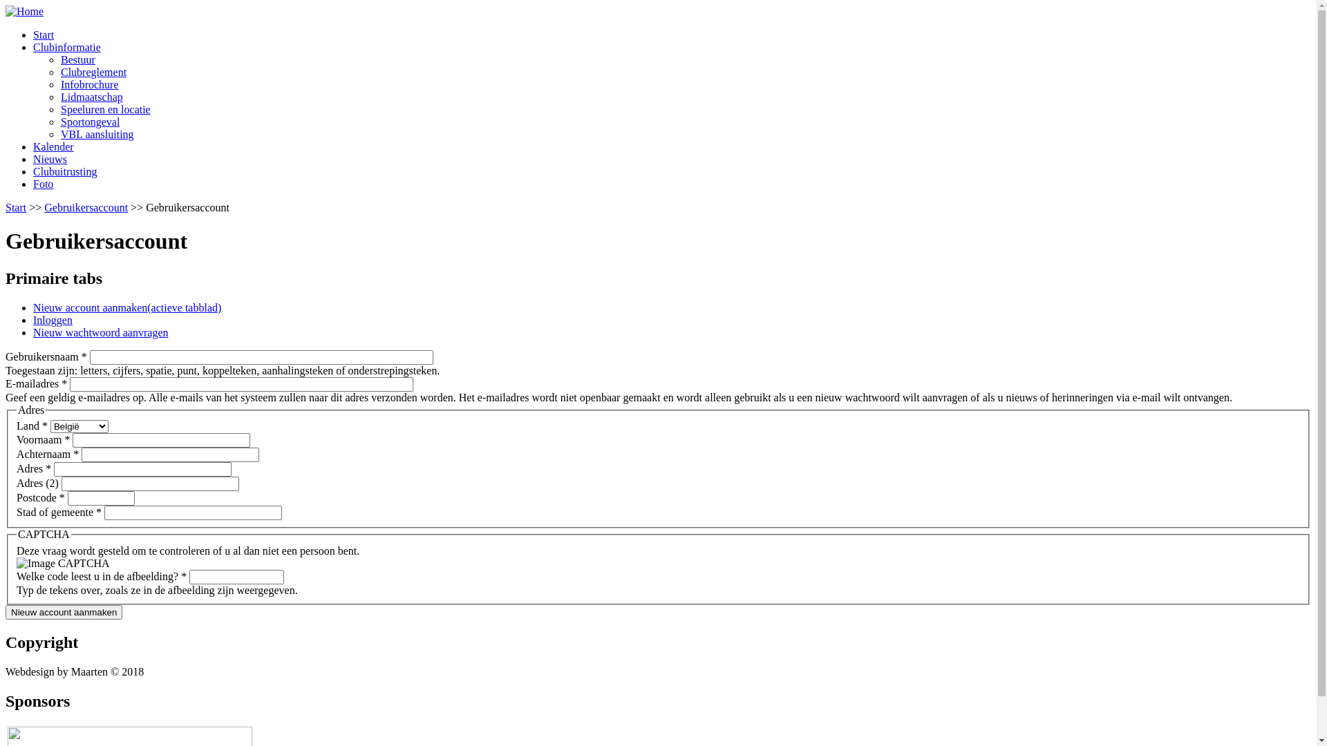 This screenshot has width=1327, height=746. I want to click on 'Nieuws', so click(50, 158).